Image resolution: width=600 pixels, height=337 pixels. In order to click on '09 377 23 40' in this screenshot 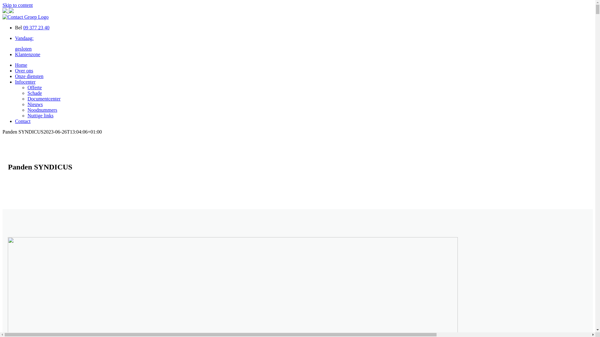, I will do `click(36, 27)`.